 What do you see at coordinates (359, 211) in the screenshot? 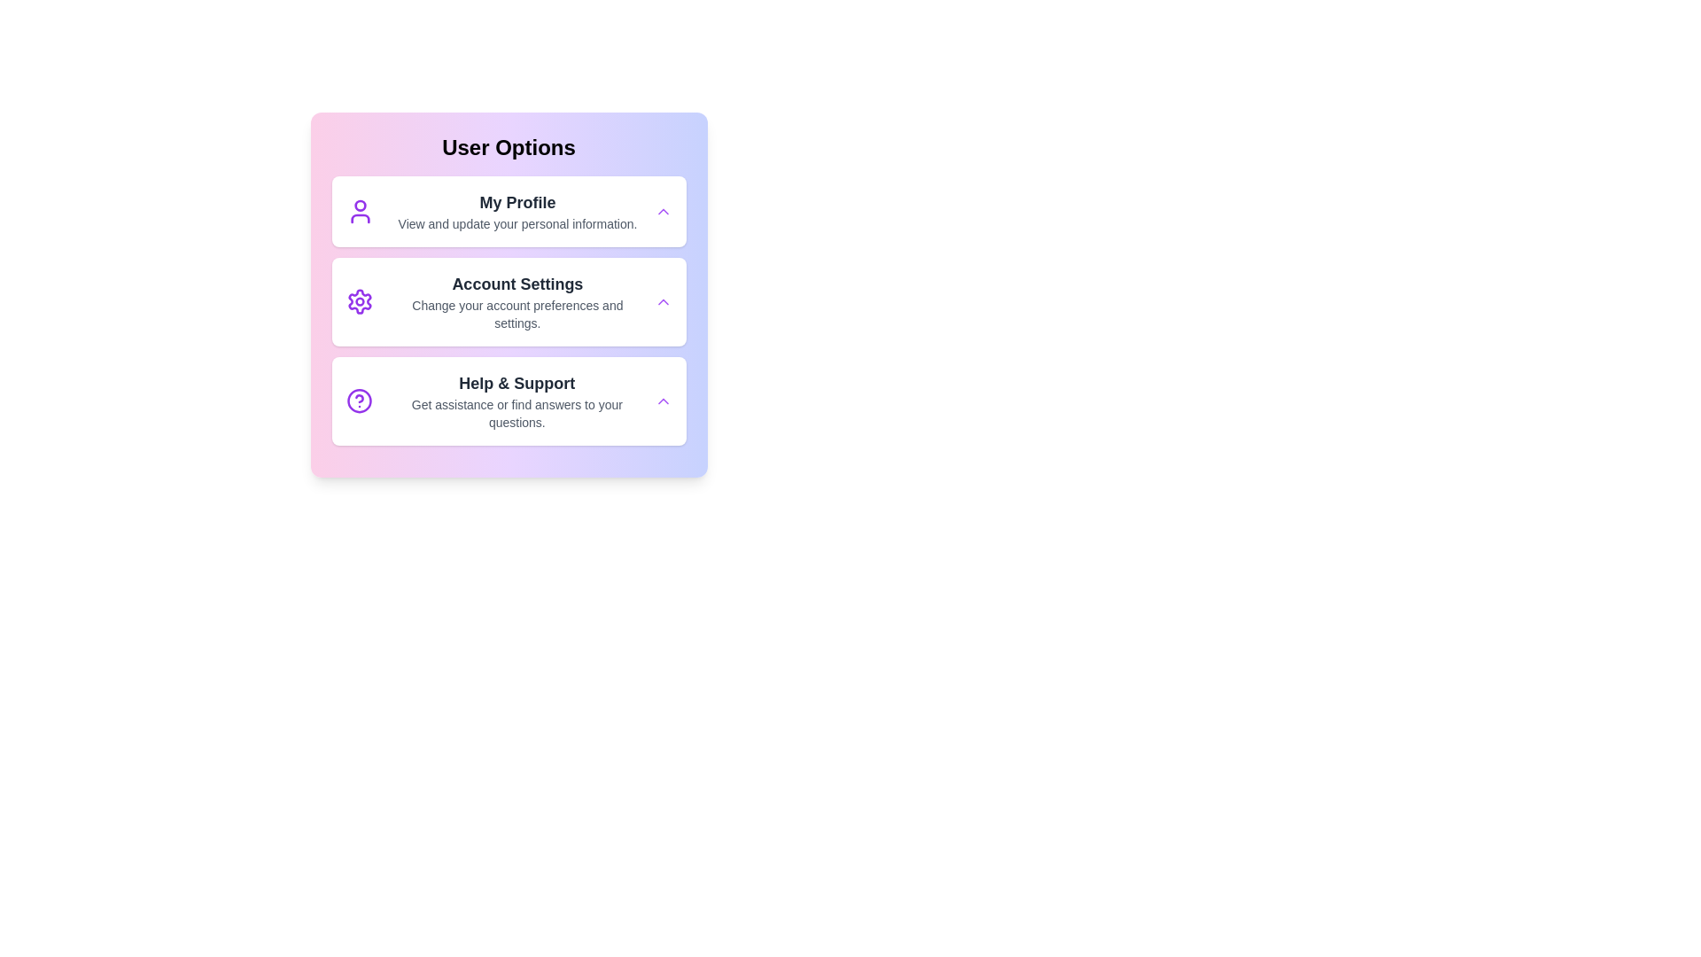
I see `the icon associated with the list item My Profile` at bounding box center [359, 211].